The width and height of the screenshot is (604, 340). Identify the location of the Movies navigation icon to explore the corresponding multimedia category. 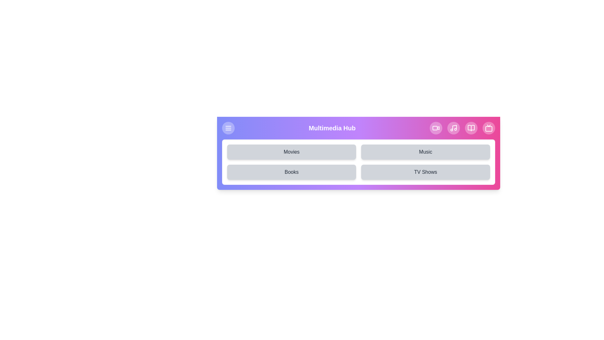
(436, 128).